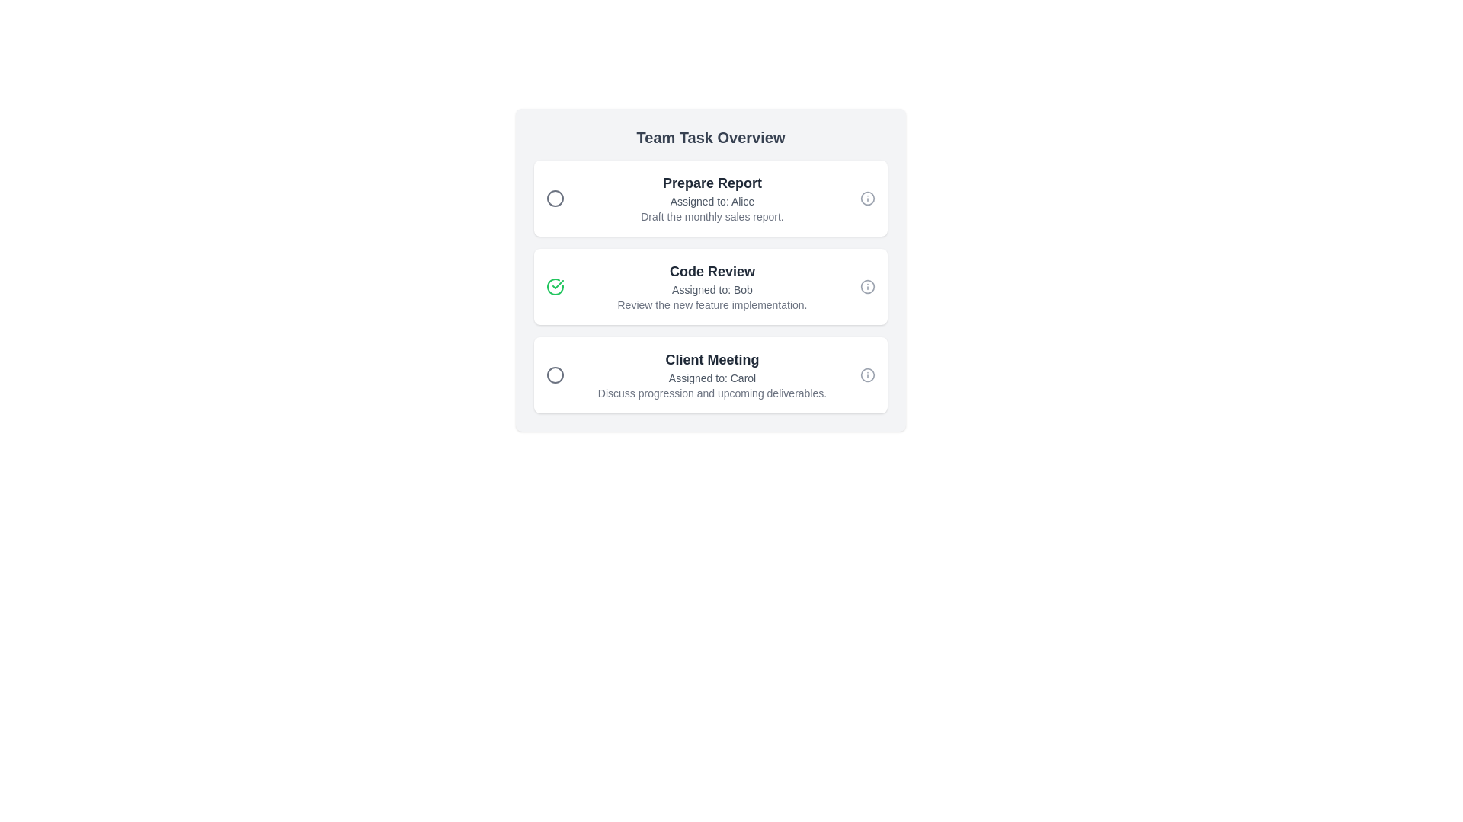 This screenshot has width=1463, height=822. I want to click on the 'Client Meeting' text label, which serves as the title for the task entry in the 'Team Task Overview' list, so click(712, 360).